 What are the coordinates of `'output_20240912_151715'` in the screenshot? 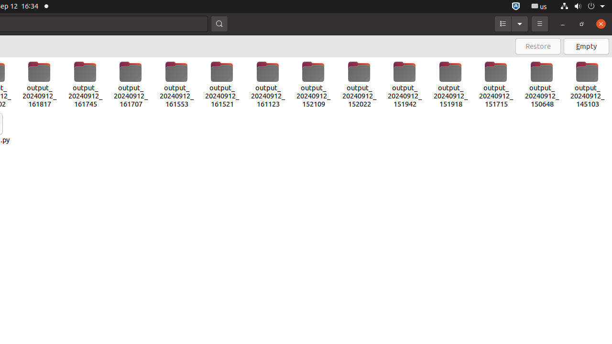 It's located at (496, 84).